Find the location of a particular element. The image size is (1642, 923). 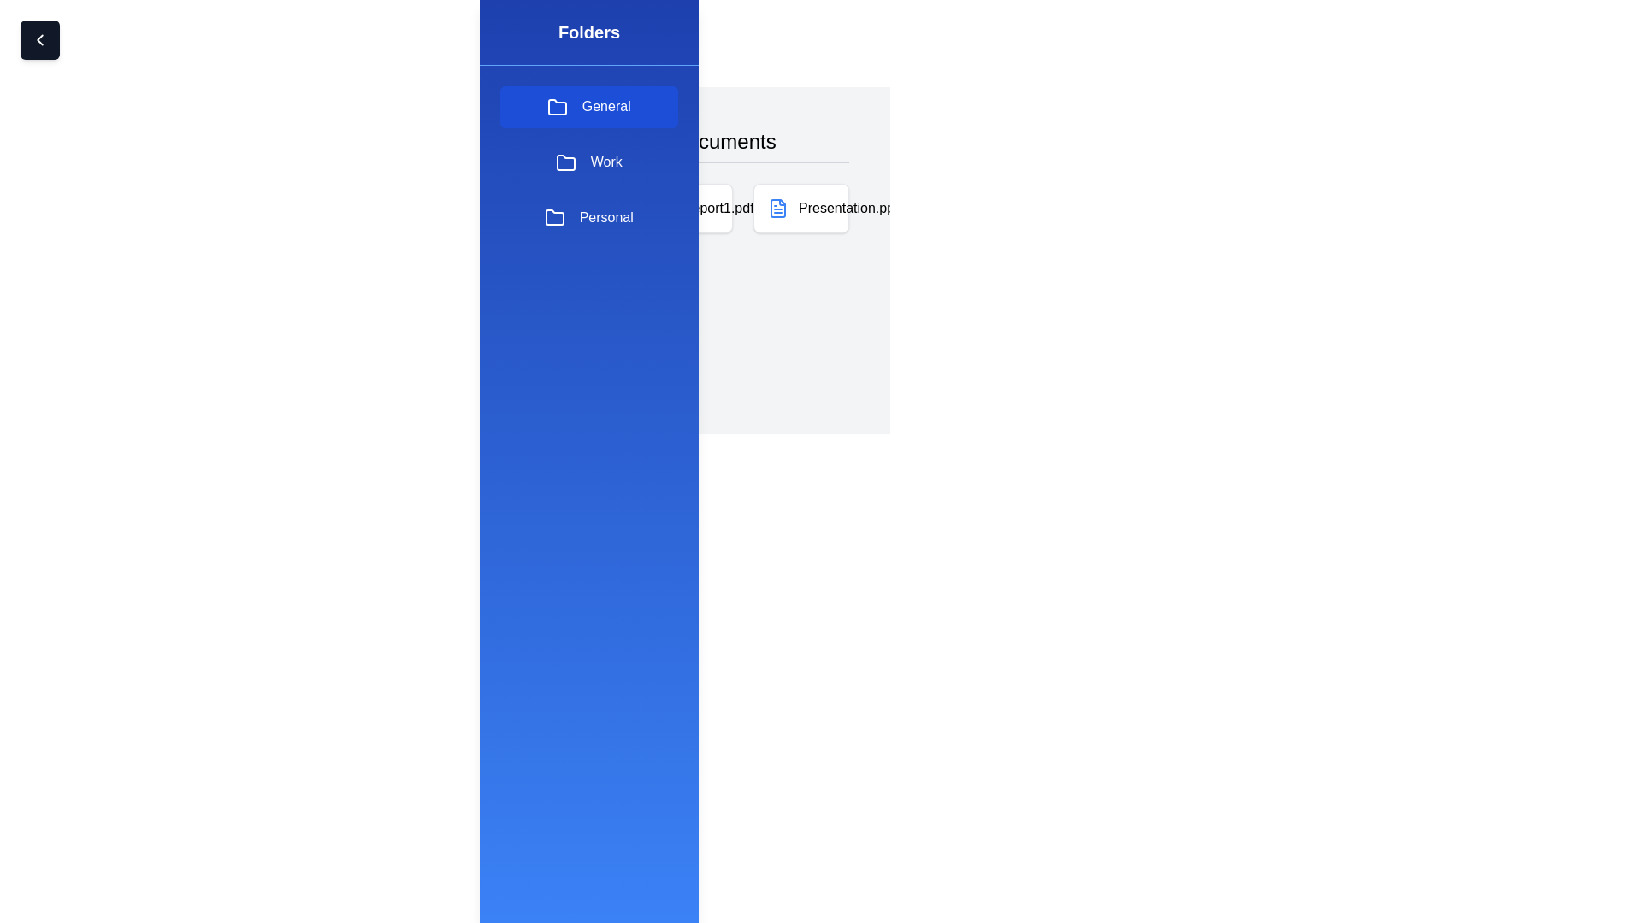

the Decorative icon representing the 'Personal' folder in the hierarchical file menu, located between the 'Work' folder and additional items is located at coordinates (555, 216).